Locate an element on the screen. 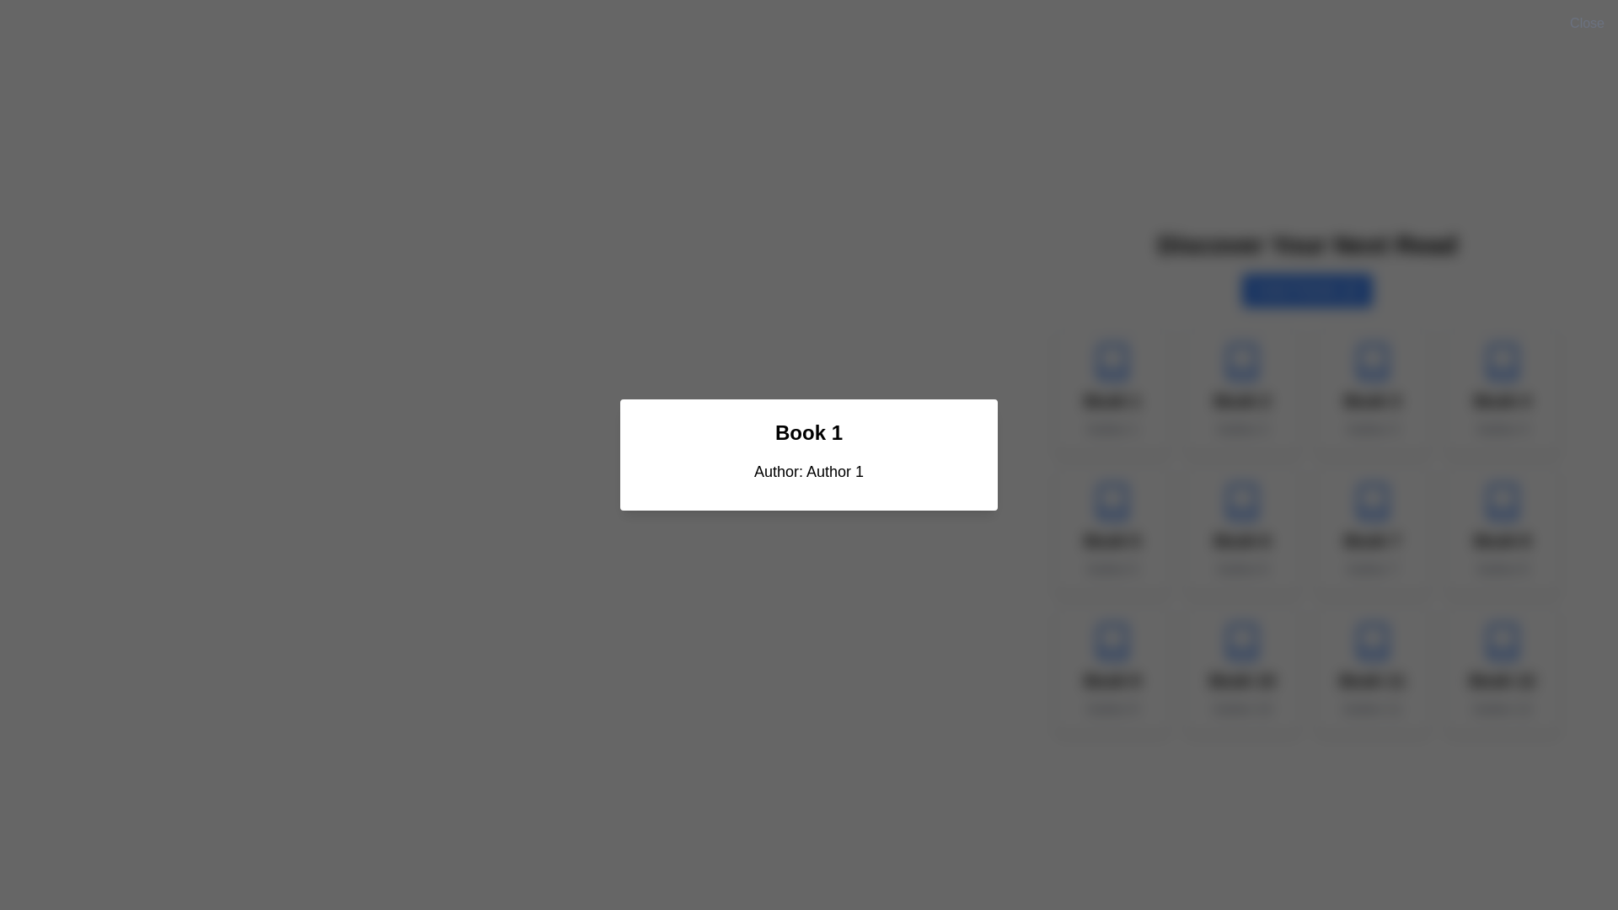  the stylized SVG component resembling an open book with rounded edges, which is located in the fourth column of the second row among a grid of clickable icons is located at coordinates (1242, 501).